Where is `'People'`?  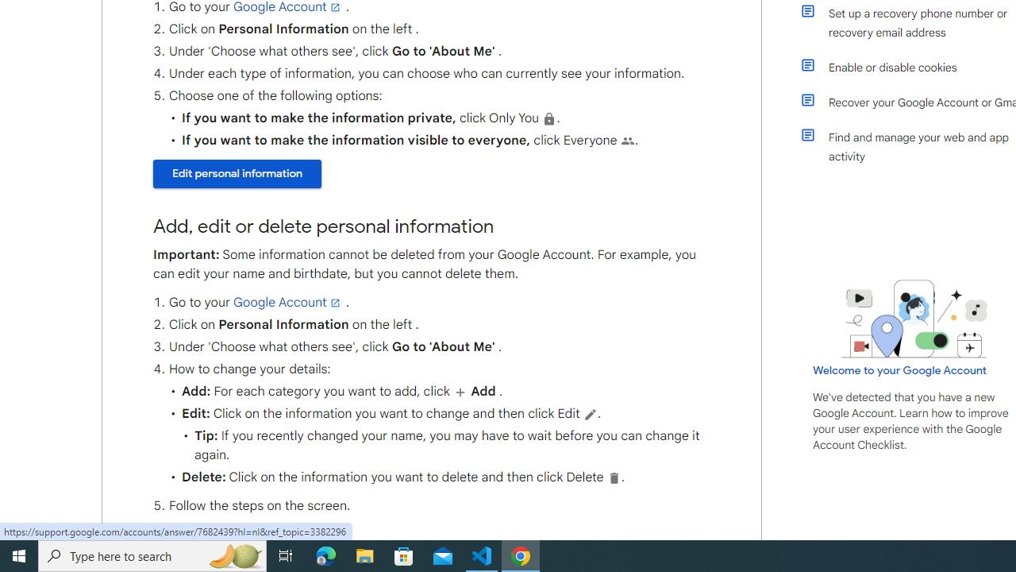
'People' is located at coordinates (626, 140).